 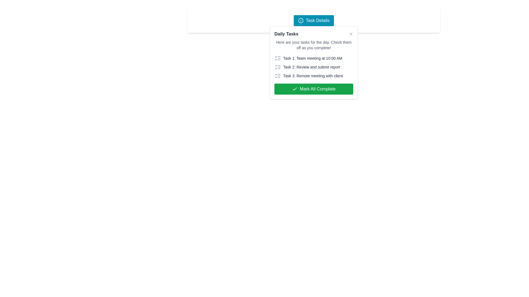 I want to click on the primary interactive button located at the top of the 'Daily Tasks' card, so click(x=314, y=20).